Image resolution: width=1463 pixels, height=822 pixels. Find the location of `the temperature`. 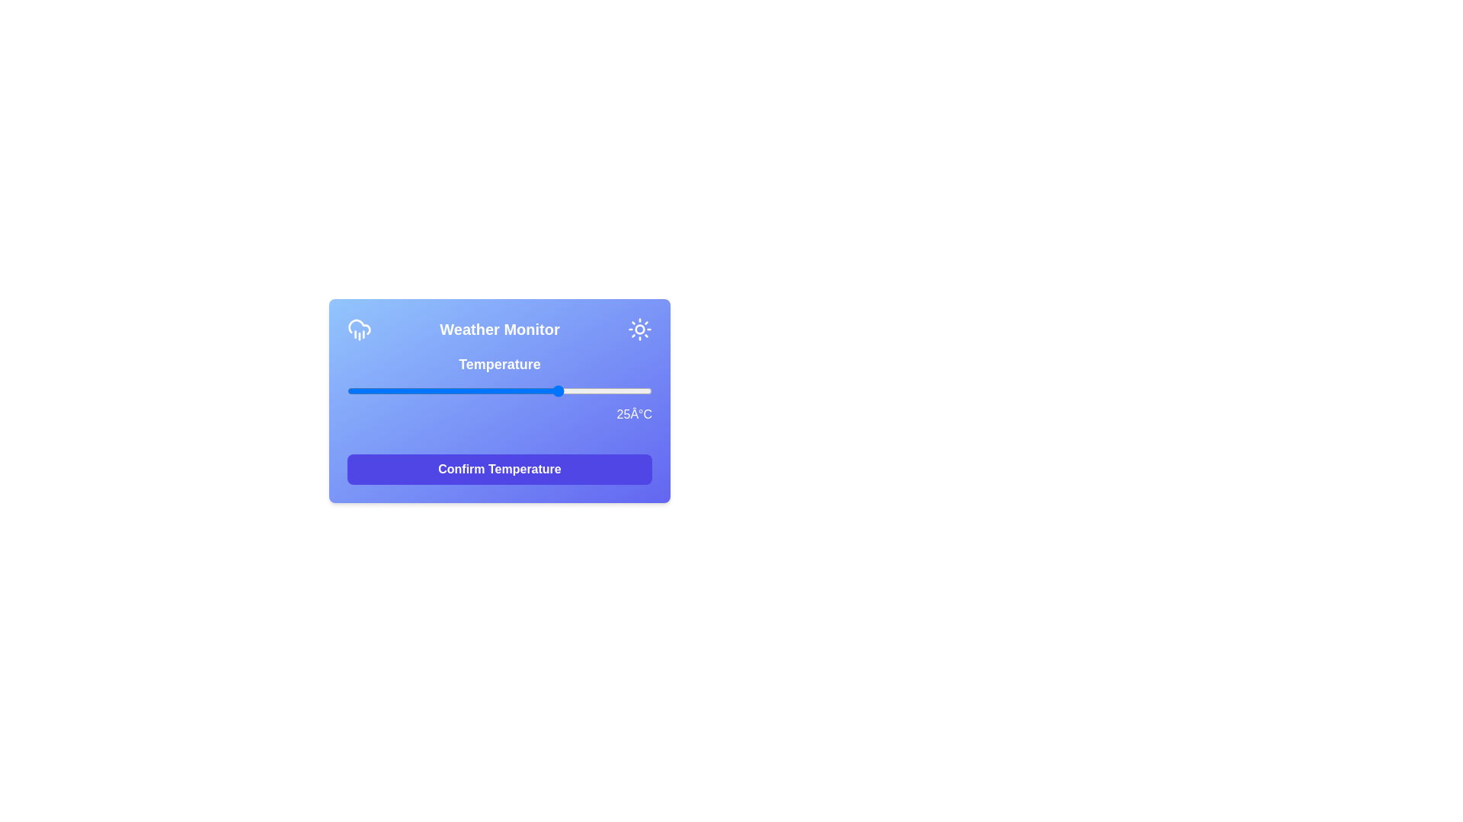

the temperature is located at coordinates (438, 390).